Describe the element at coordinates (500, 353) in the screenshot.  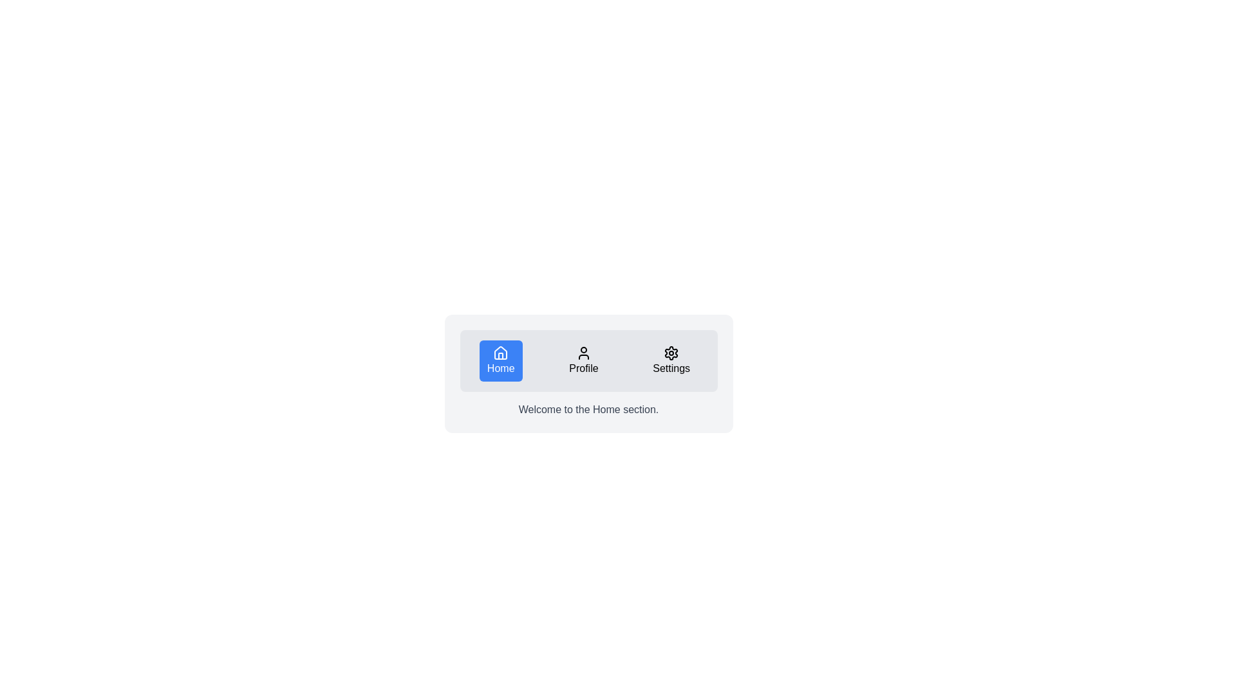
I see `the 'Home' icon in the navigation bar` at that location.